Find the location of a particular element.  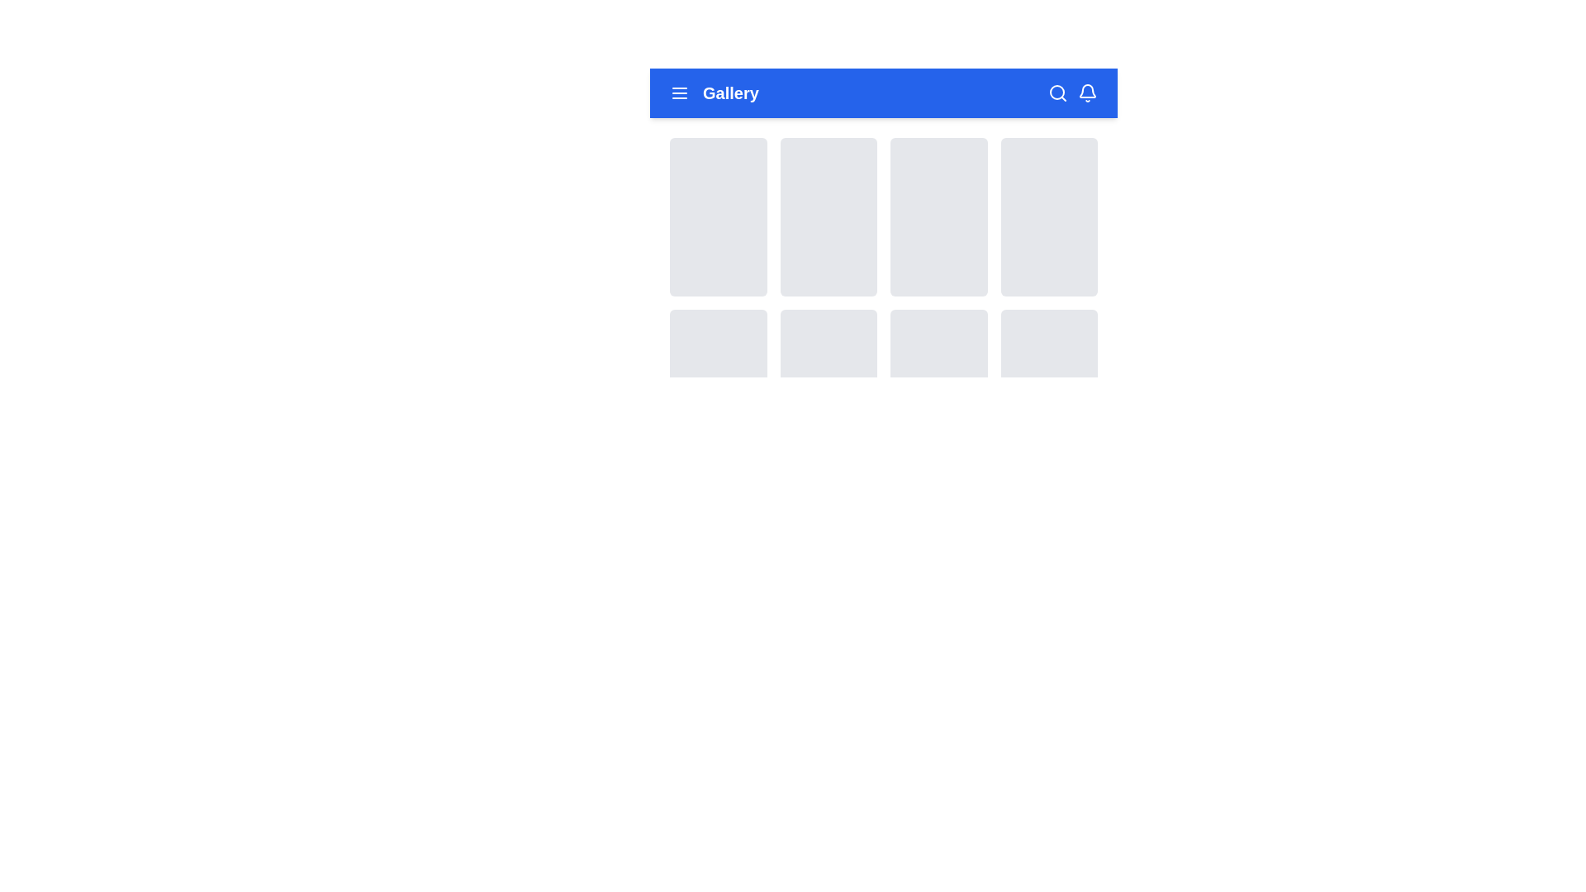

the magnifying glass icon button, which is white on a blue background, located in the upper-right corner of the navigation bar, to the left of the bell icon is located at coordinates (1058, 93).